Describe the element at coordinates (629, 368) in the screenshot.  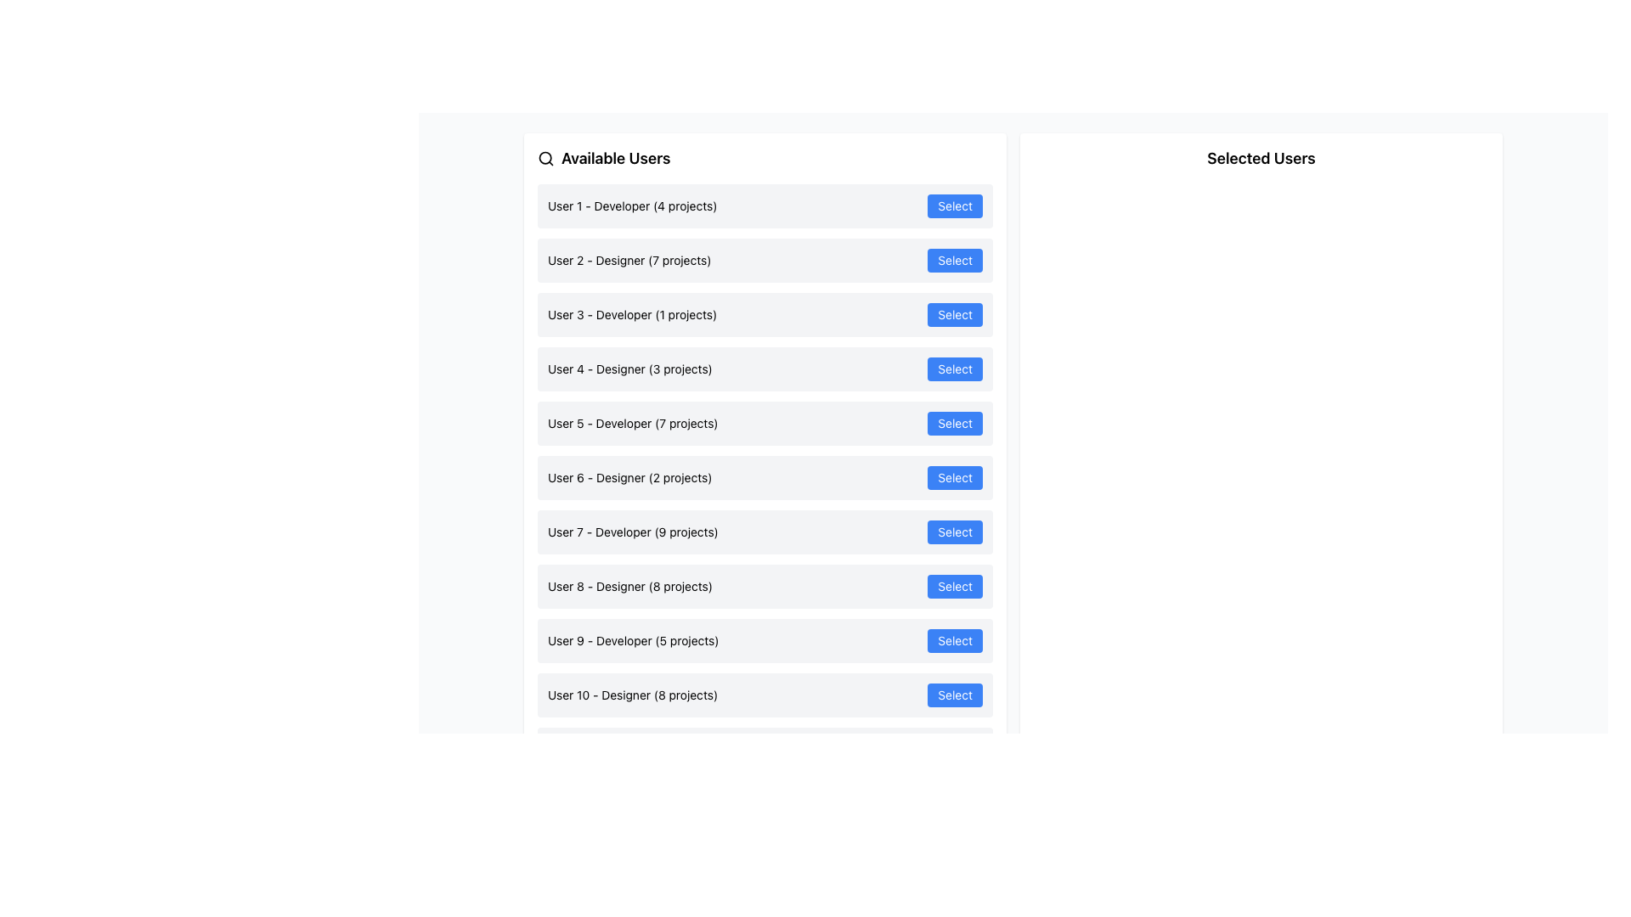
I see `the static text that identifies a user entry in the fourth row under the 'Available Users' section, which provides information about the user's designation and associated projects` at that location.